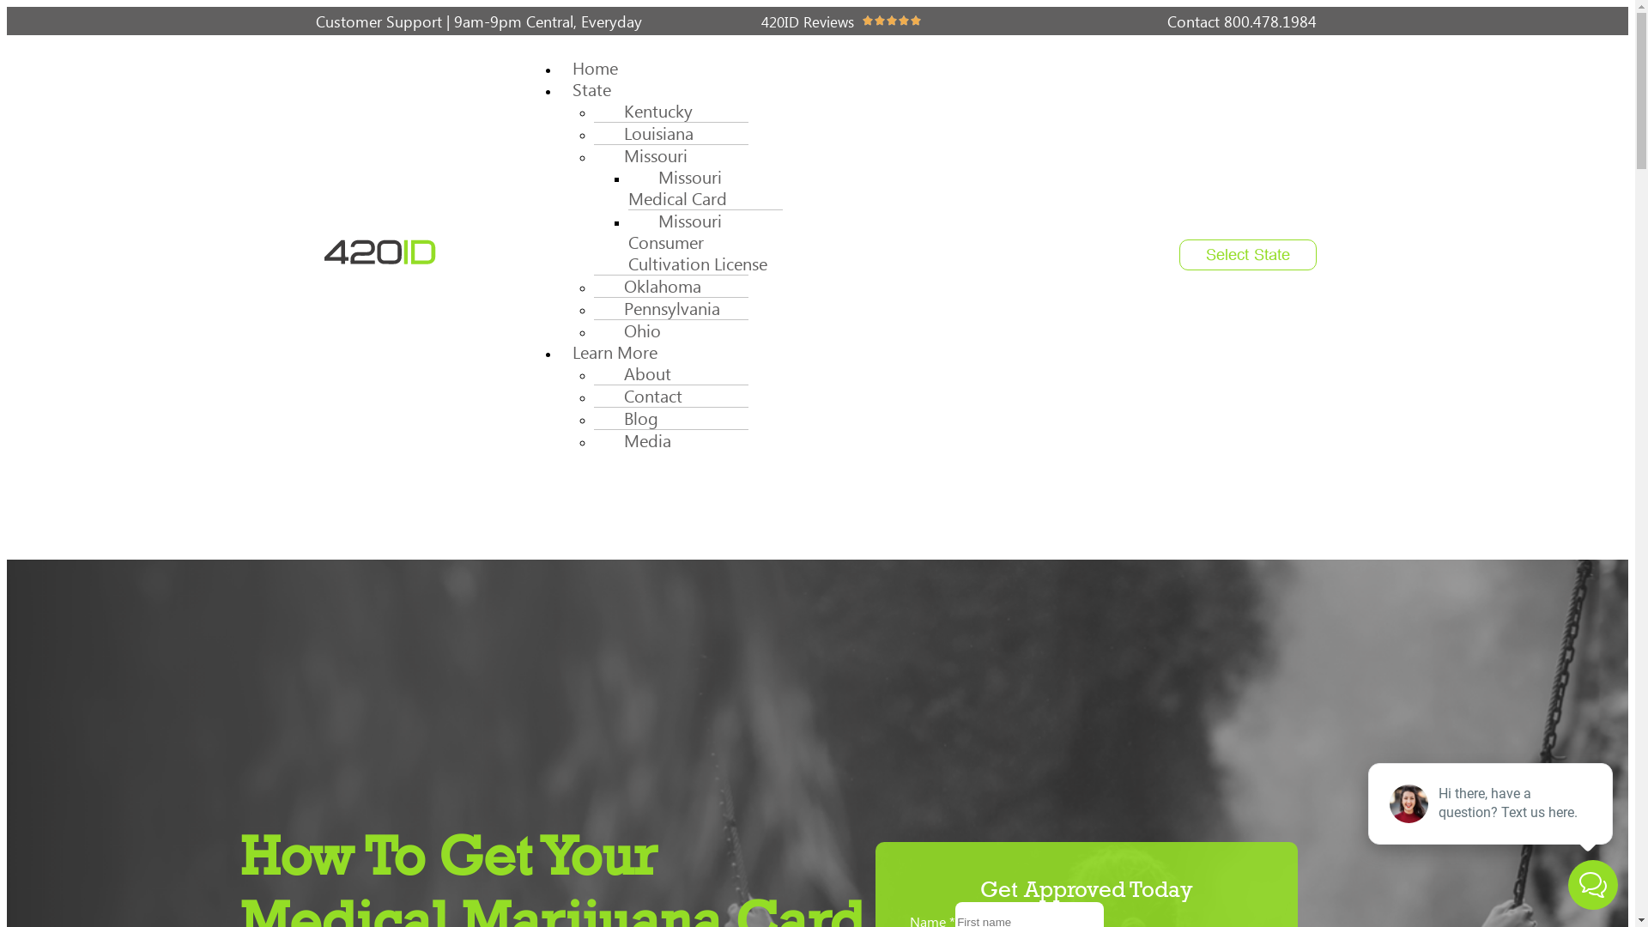  Describe the element at coordinates (682, 188) in the screenshot. I see `'Missouri Medical Card'` at that location.